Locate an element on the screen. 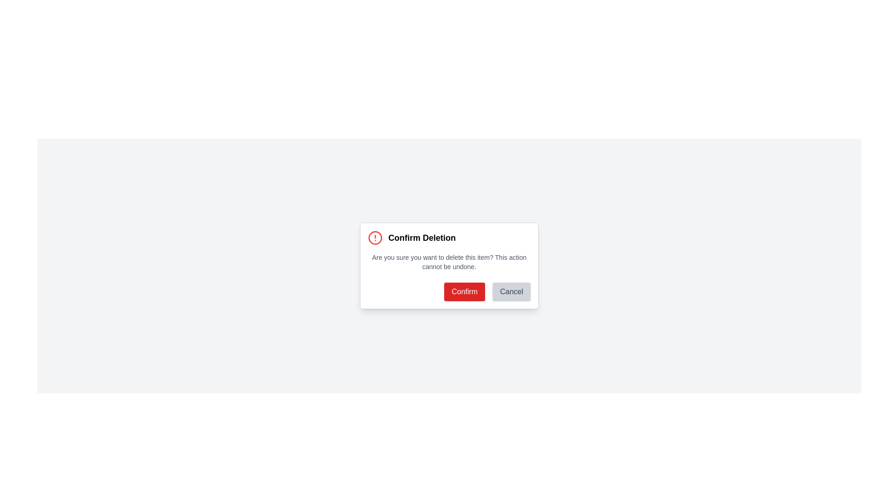 The width and height of the screenshot is (893, 502). the SVG circle element that represents a warning or alert sign in the top-left corner of the confirmation dialog is located at coordinates (375, 238).